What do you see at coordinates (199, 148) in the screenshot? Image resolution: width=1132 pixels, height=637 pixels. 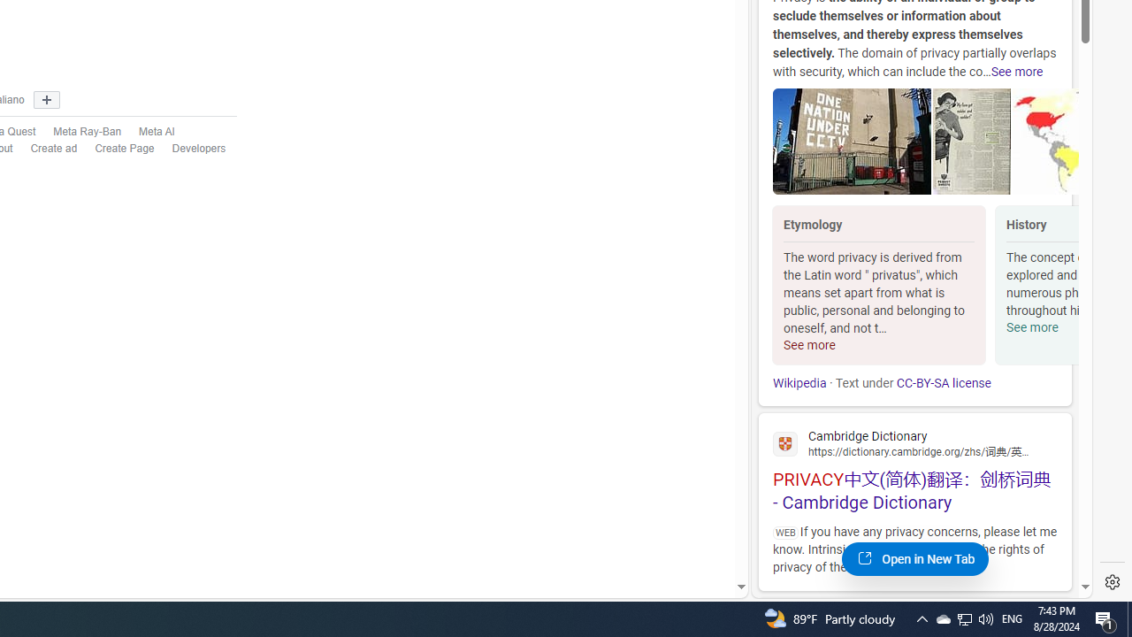 I see `'Developers'` at bounding box center [199, 148].